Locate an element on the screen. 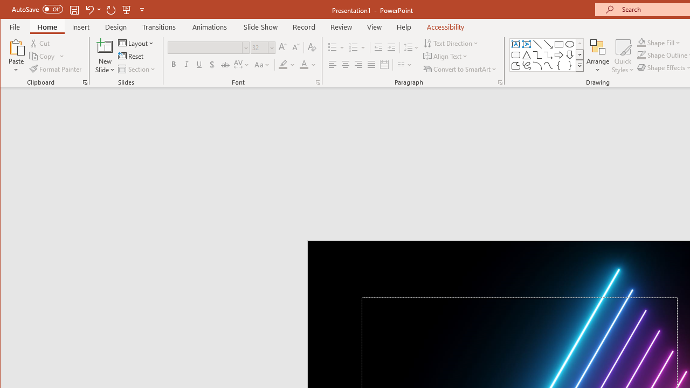 This screenshot has width=690, height=388. 'Freeform: Scribble' is located at coordinates (526, 66).